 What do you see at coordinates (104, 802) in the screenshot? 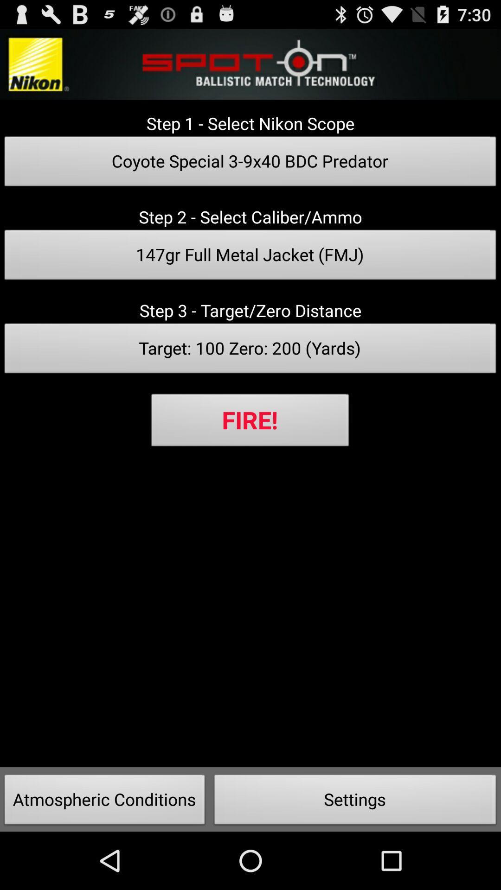
I see `button below fire! item` at bounding box center [104, 802].